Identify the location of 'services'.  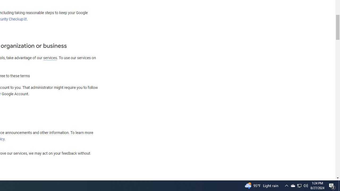
(50, 58).